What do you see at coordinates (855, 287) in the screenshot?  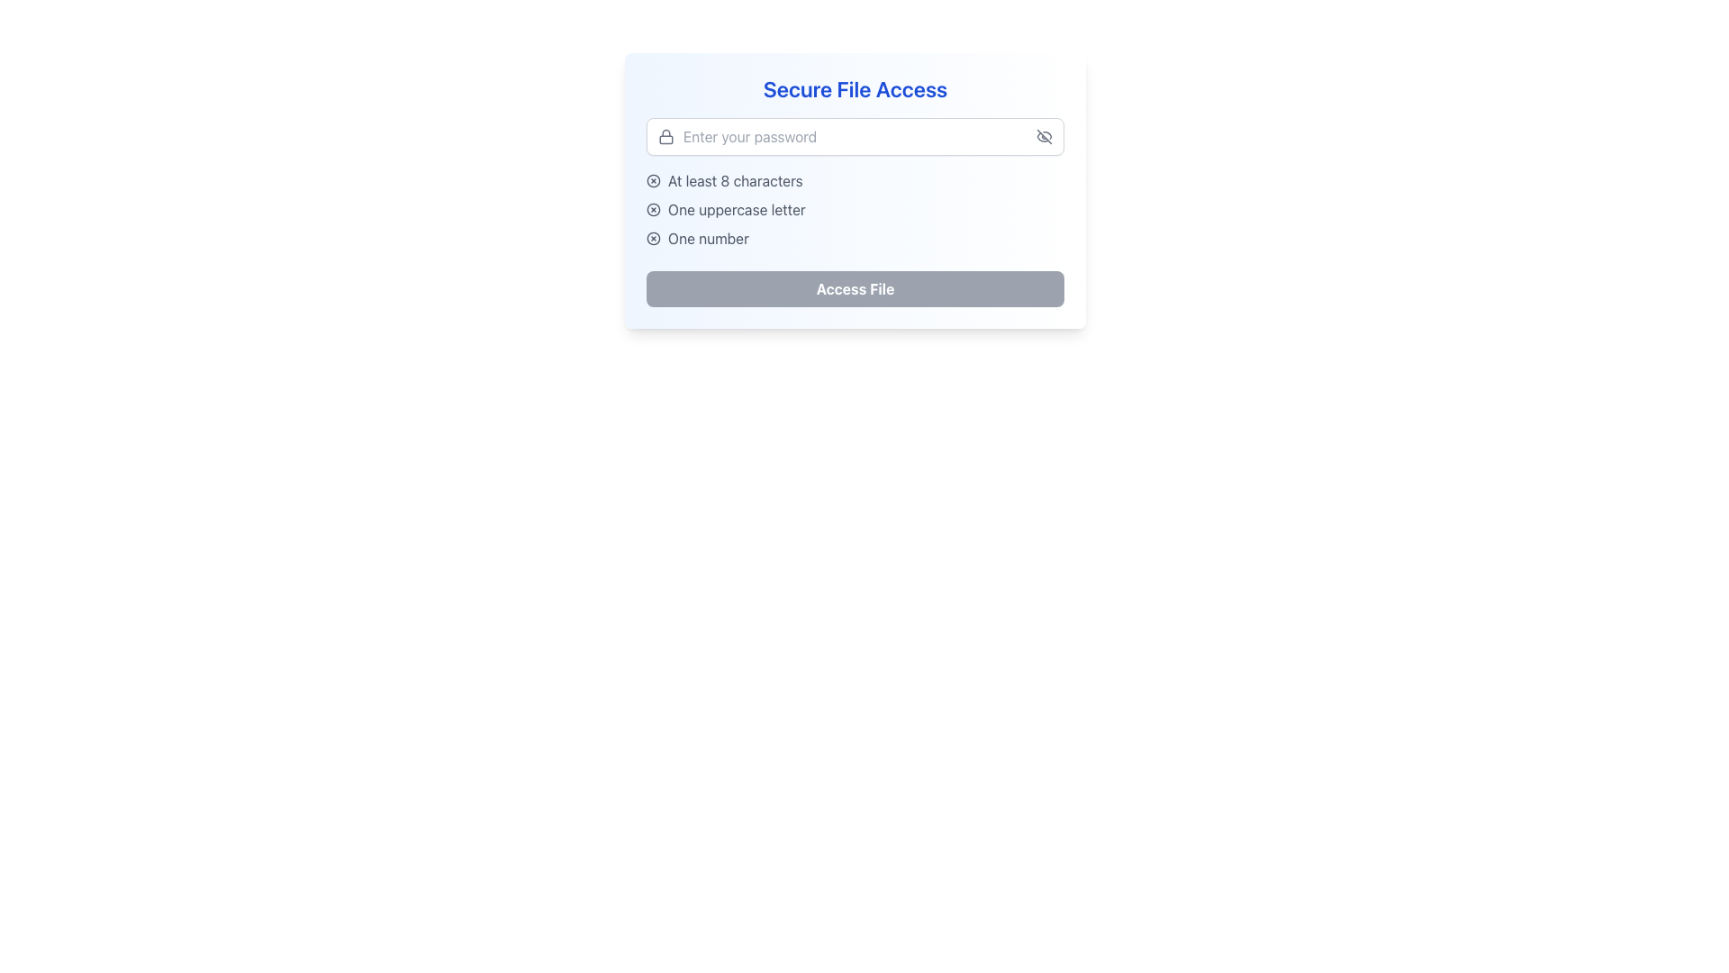 I see `the 'Access File' disabled button, which has a gray background and white text, located beneath the password instructions in the 'Secure File Access' section` at bounding box center [855, 287].